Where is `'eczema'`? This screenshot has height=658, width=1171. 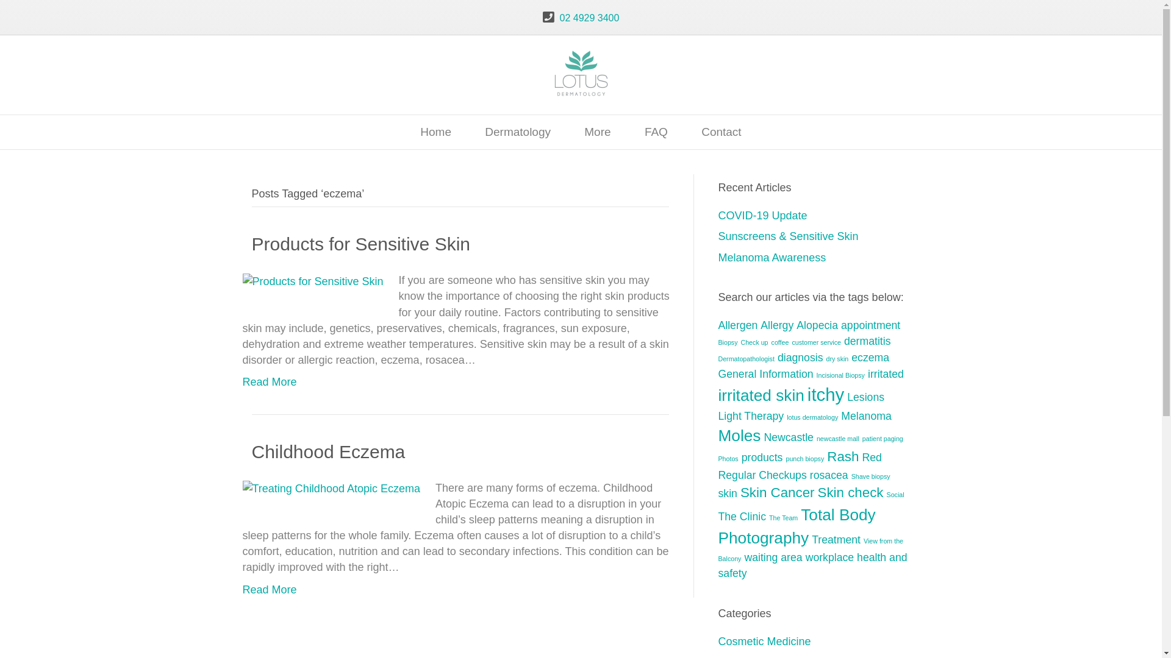 'eczema' is located at coordinates (869, 356).